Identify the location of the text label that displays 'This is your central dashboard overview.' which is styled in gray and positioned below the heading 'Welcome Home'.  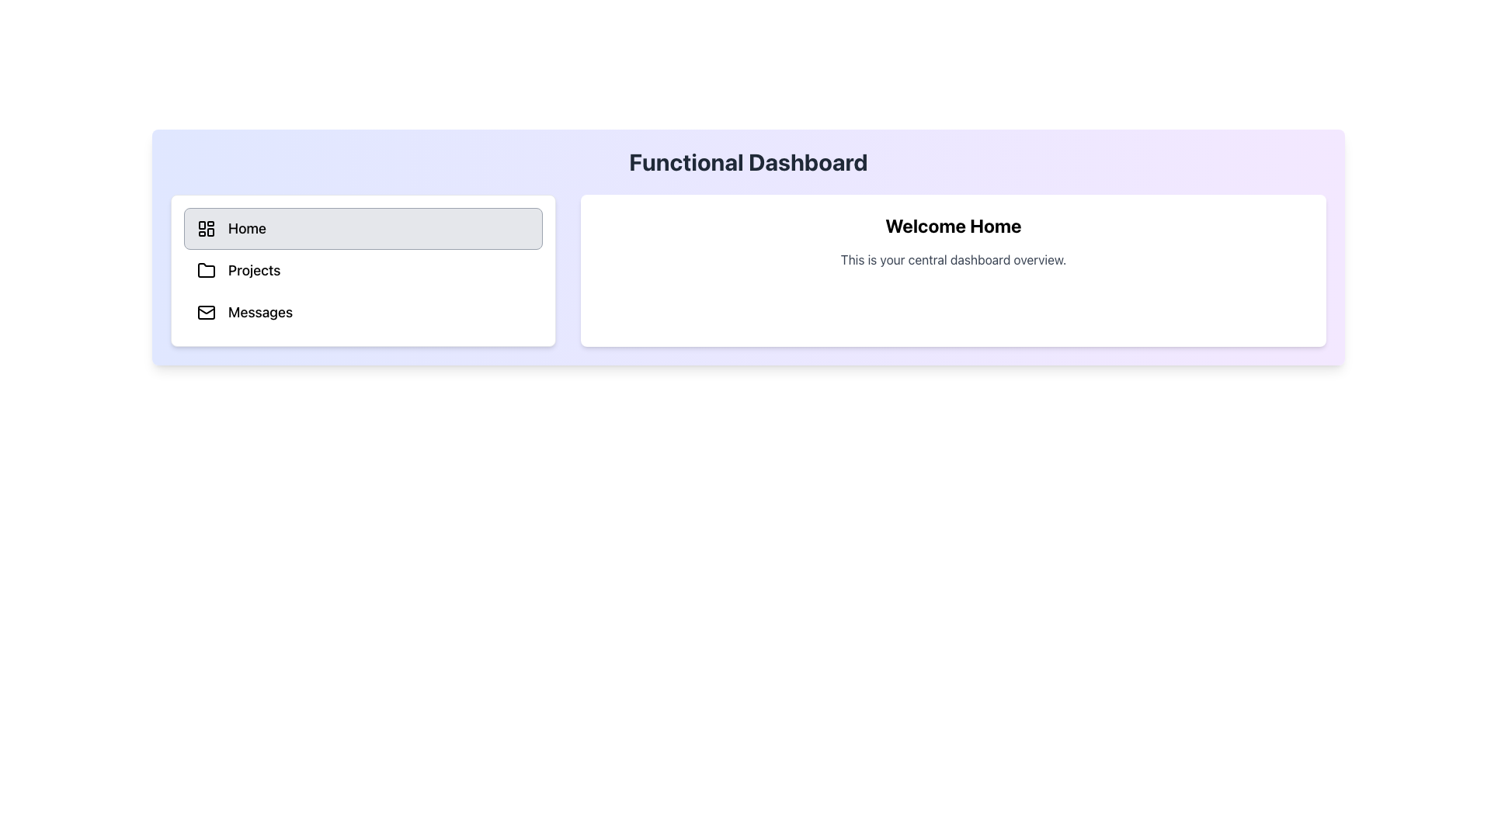
(953, 259).